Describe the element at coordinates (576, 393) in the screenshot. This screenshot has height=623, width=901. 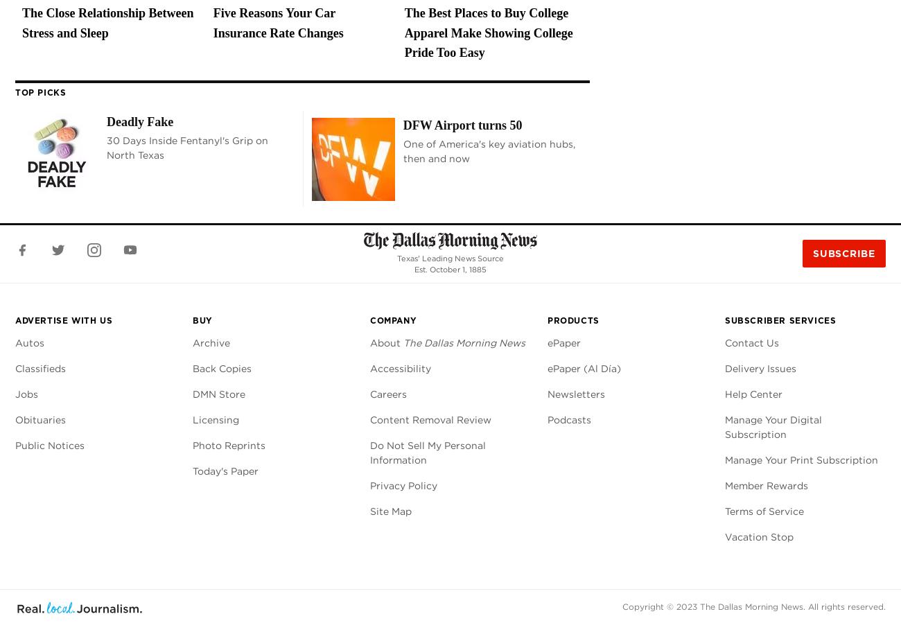
I see `'Newsletters'` at that location.